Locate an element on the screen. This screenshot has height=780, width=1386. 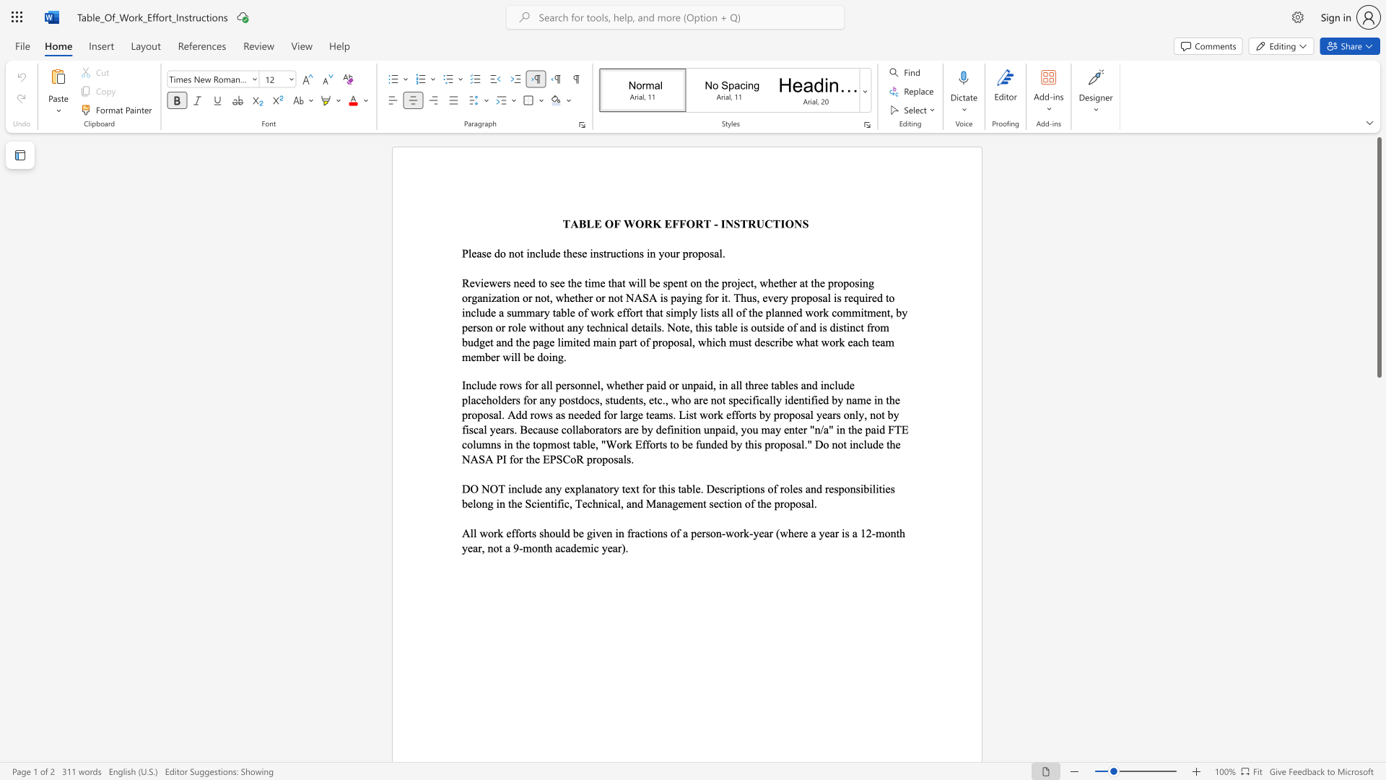
the vertical scrollbar to lower the page content is located at coordinates (1378, 390).